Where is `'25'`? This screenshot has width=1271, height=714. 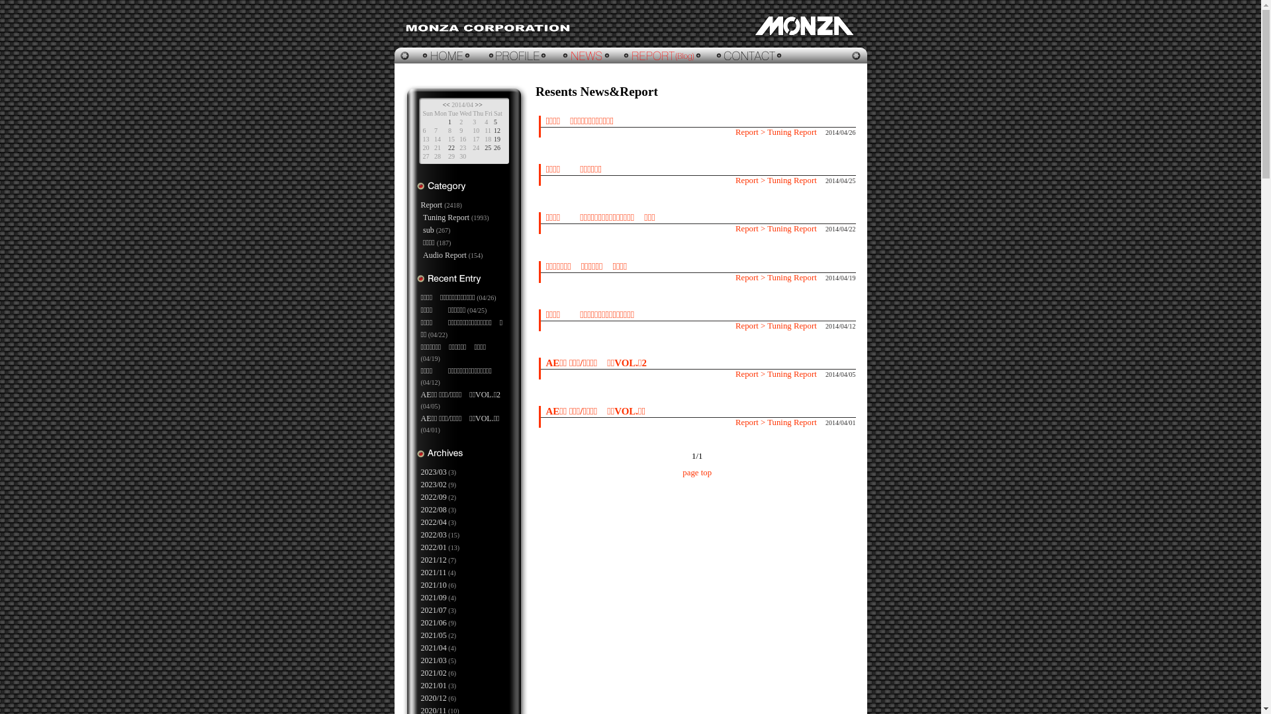
'25' is located at coordinates (487, 147).